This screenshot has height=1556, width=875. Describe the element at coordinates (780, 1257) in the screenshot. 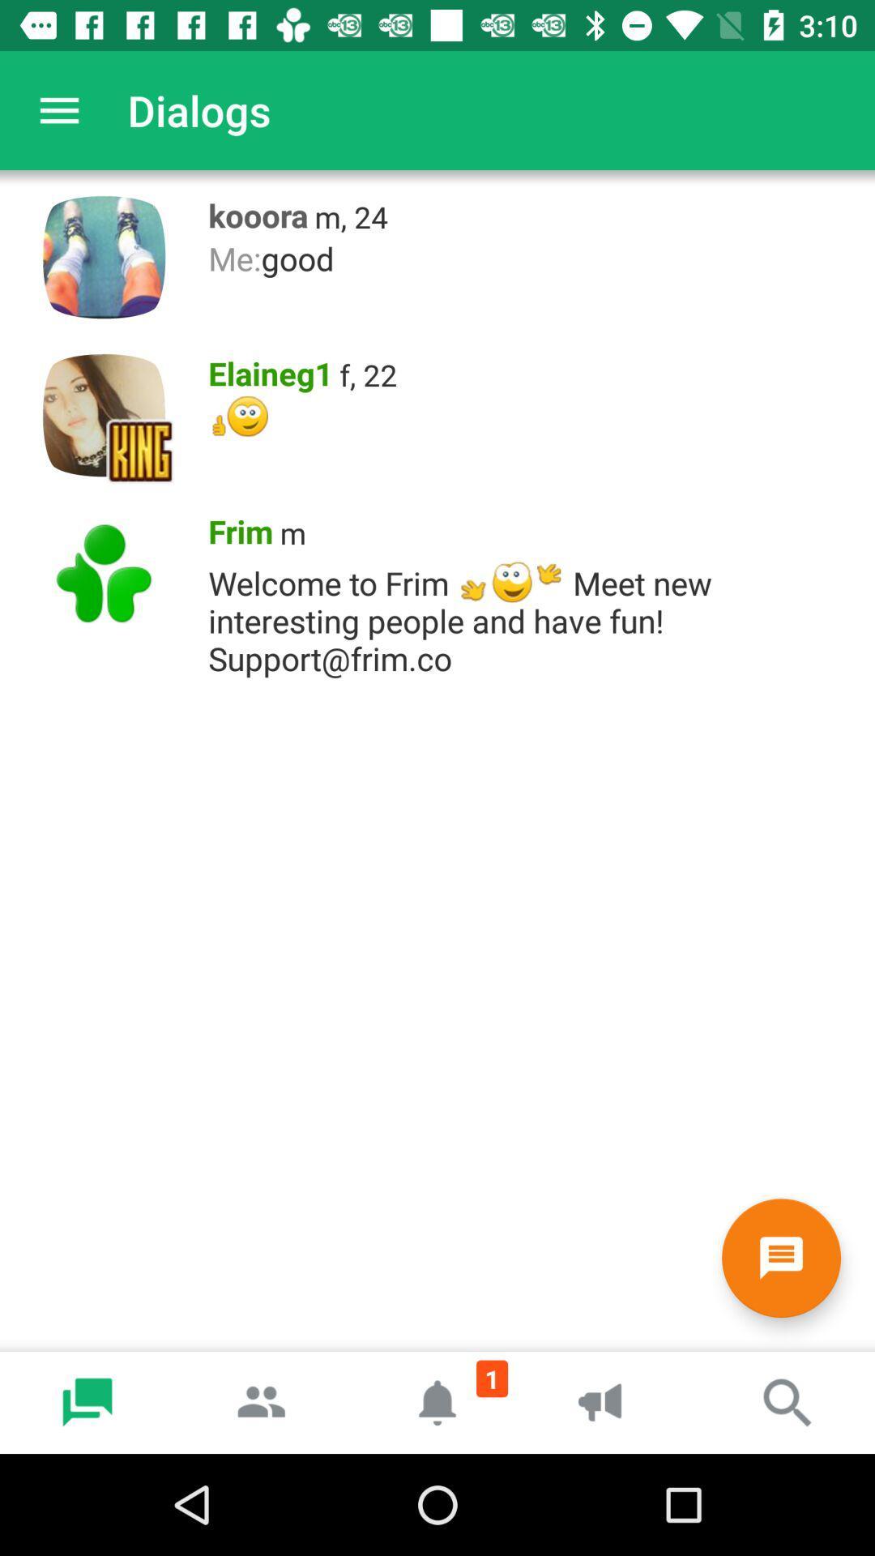

I see `the chat icon` at that location.